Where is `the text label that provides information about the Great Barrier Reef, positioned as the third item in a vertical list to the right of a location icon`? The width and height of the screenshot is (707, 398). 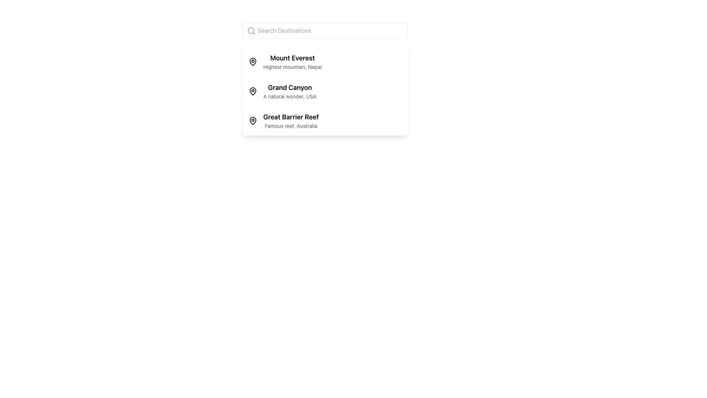 the text label that provides information about the Great Barrier Reef, positioned as the third item in a vertical list to the right of a location icon is located at coordinates (291, 120).